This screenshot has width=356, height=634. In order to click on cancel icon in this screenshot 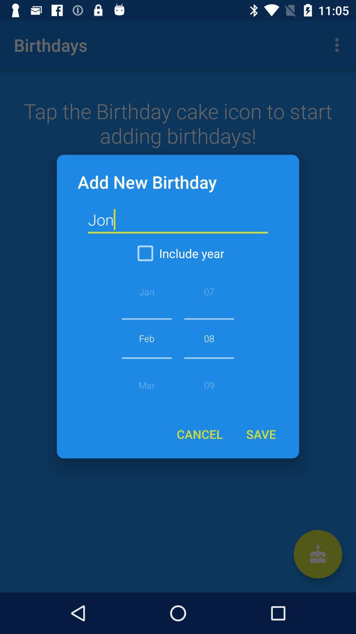, I will do `click(199, 434)`.